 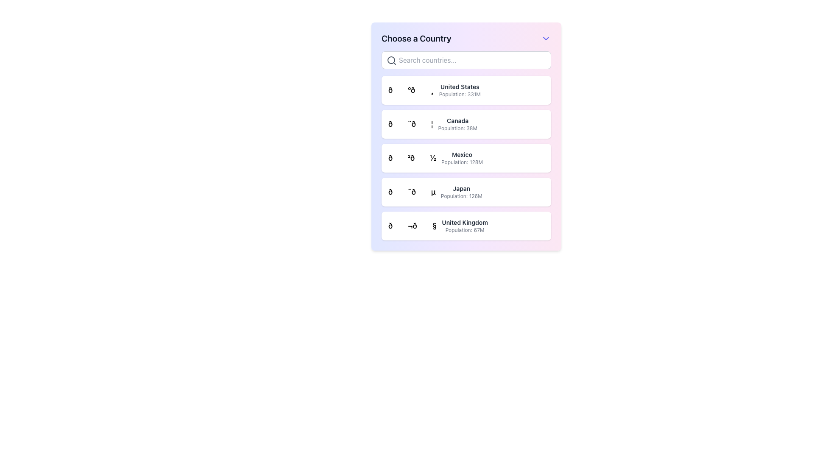 I want to click on the primary label representing the United States in the list of countries, located above the text 'Population: 331M', so click(x=459, y=87).